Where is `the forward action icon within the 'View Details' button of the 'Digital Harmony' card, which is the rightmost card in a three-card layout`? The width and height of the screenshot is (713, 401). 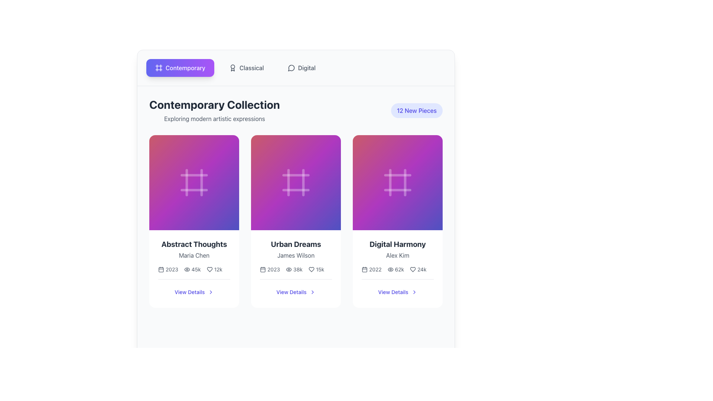 the forward action icon within the 'View Details' button of the 'Digital Harmony' card, which is the rightmost card in a three-card layout is located at coordinates (414, 291).